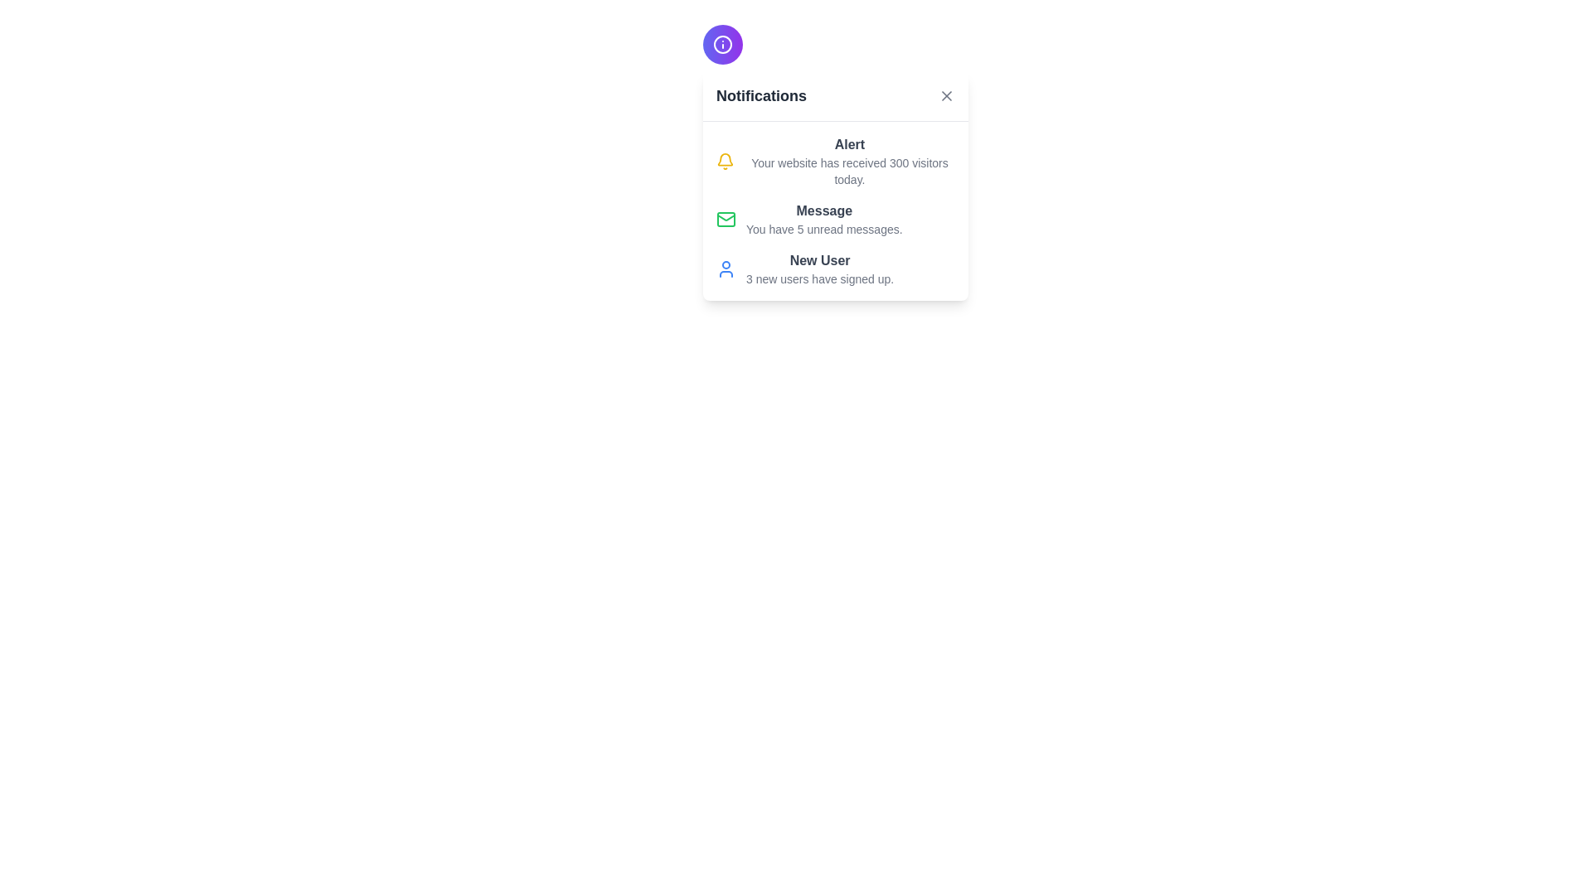 This screenshot has height=895, width=1592. What do you see at coordinates (849, 162) in the screenshot?
I see `the first notification in the notifications module that provides daily visitor statistics, located directly below the modal's title bar` at bounding box center [849, 162].